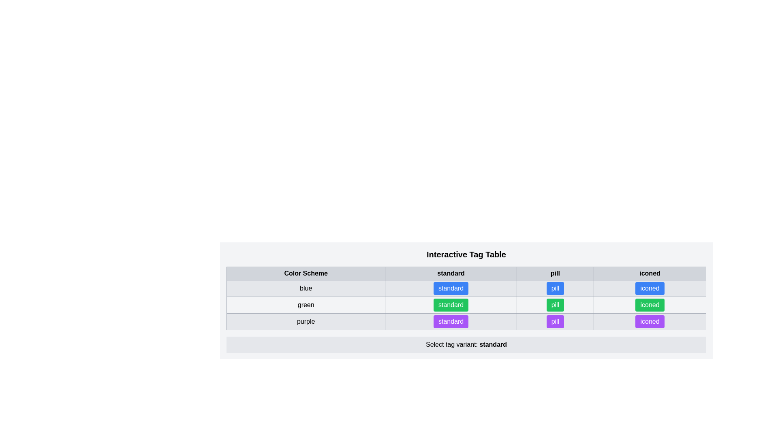 The image size is (778, 437). I want to click on the 'pill' button with a purple background and white text located in the third row and second column of the 'Interactive Tag Table', so click(555, 321).